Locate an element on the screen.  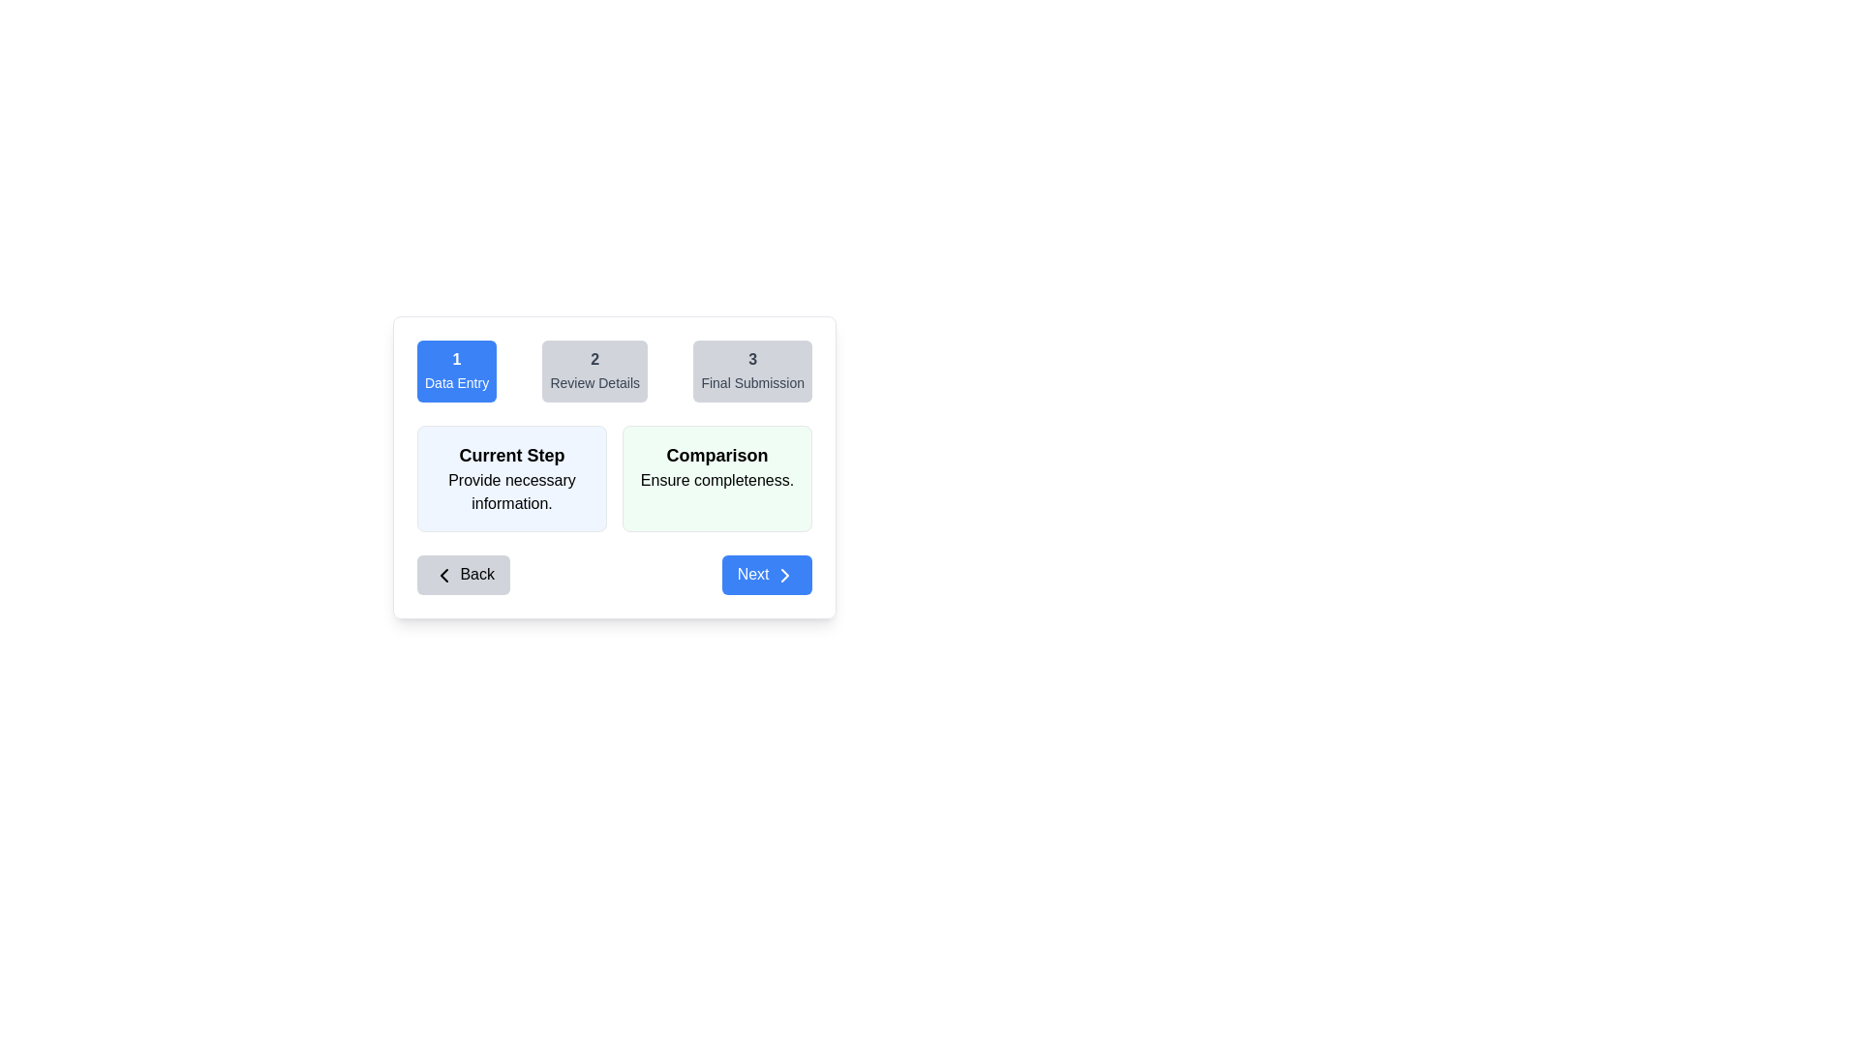
information presented in the informational card located to the right of the 'Current Step' card, positioned in a two-column layout is located at coordinates (716, 478).